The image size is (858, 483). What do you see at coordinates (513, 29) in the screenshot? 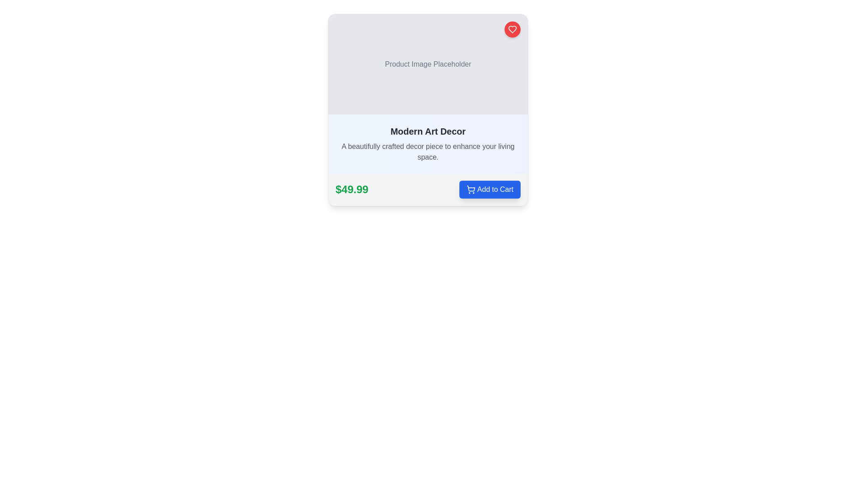
I see `the heart icon located in the top-right corner of the visual card` at bounding box center [513, 29].